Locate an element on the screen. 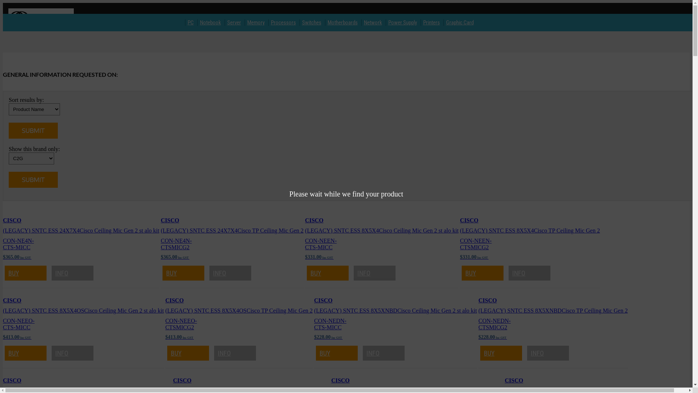 The image size is (698, 393). 'Graphic Card' is located at coordinates (460, 22).